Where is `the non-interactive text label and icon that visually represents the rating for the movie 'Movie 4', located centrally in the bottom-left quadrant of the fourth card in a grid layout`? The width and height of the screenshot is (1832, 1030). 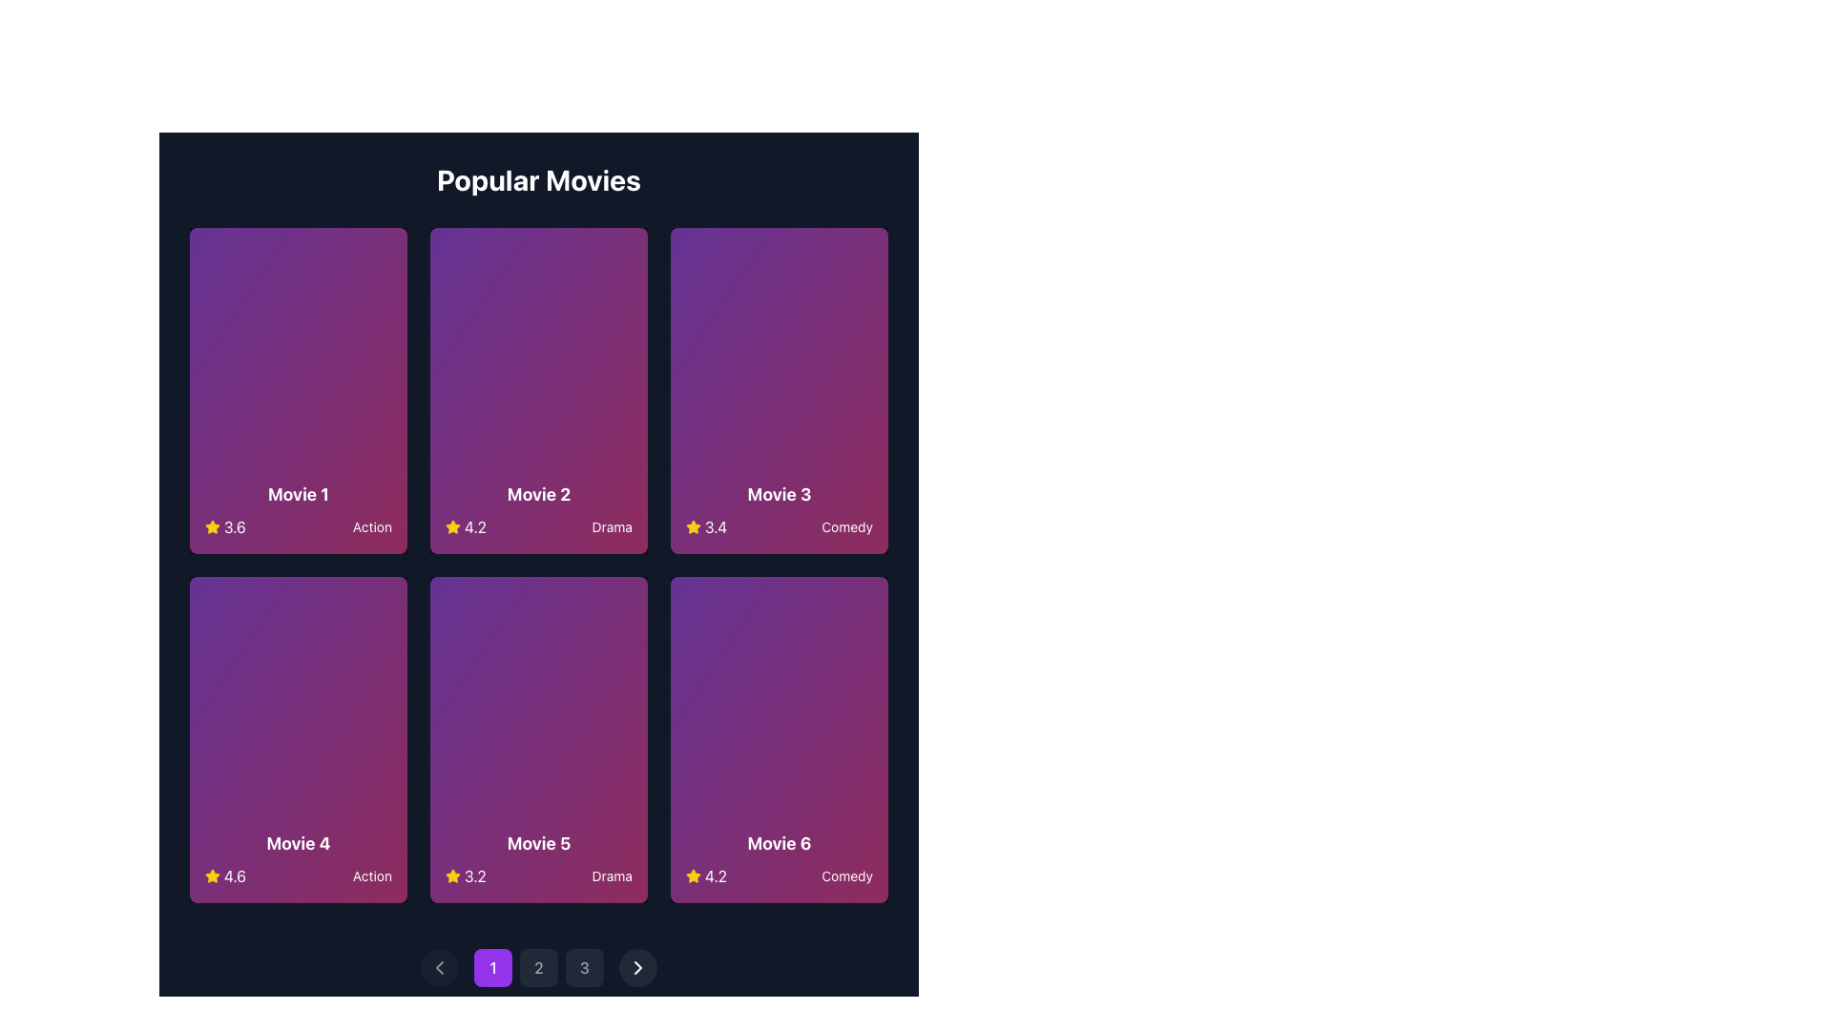 the non-interactive text label and icon that visually represents the rating for the movie 'Movie 4', located centrally in the bottom-left quadrant of the fourth card in a grid layout is located at coordinates (225, 875).